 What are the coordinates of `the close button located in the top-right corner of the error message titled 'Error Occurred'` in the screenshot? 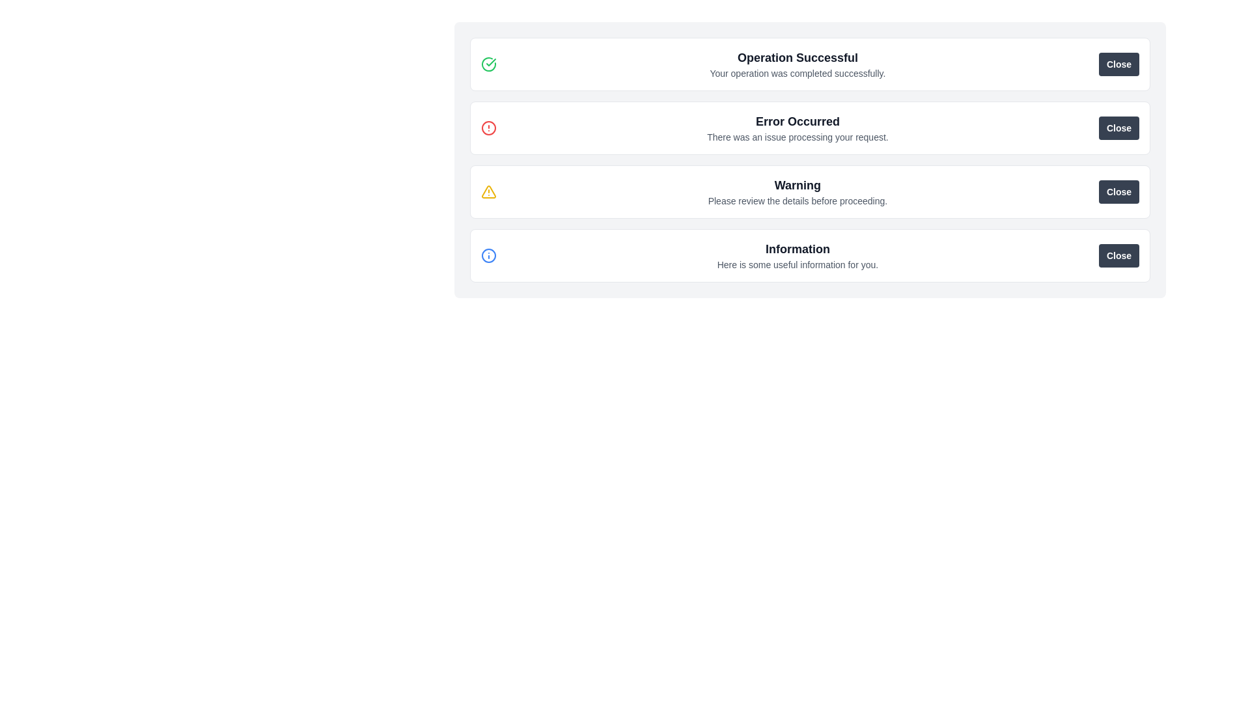 It's located at (1118, 128).